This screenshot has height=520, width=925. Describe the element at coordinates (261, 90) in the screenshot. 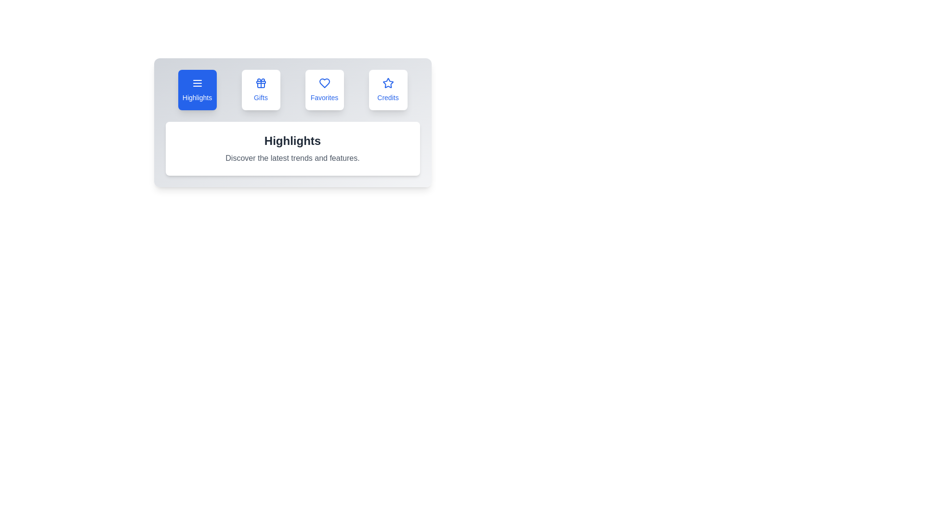

I see `the tab labeled Gifts` at that location.